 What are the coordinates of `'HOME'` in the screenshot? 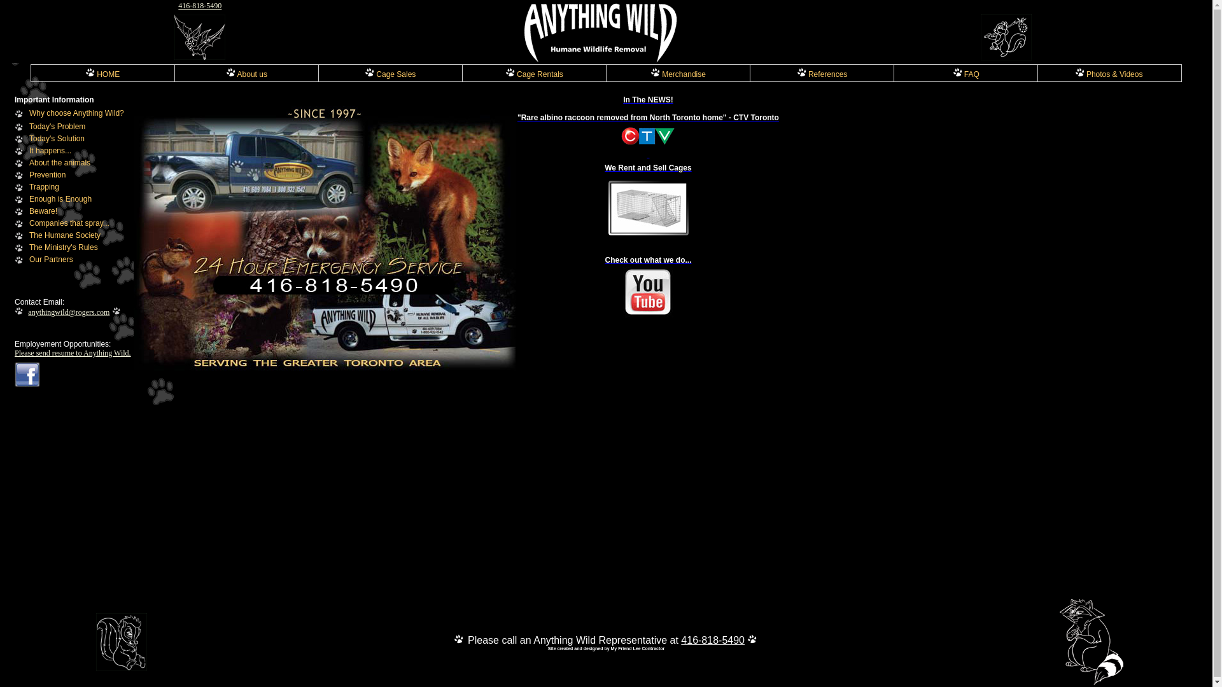 It's located at (102, 74).